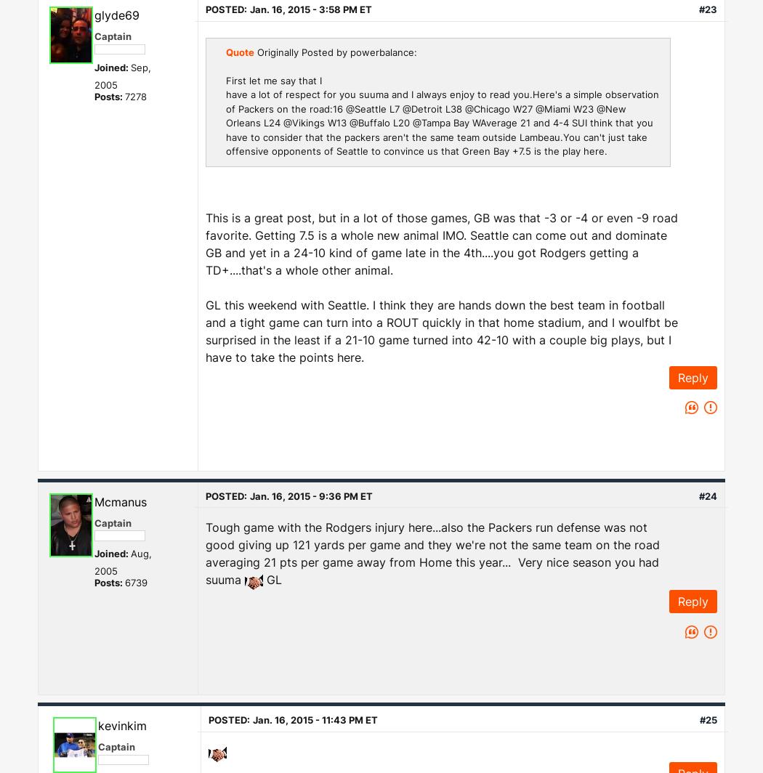  What do you see at coordinates (441, 243) in the screenshot?
I see `'This is a great post, but in a lot of those games, GB was that -3 or -4 or even -9 road favorite. Getting 7.5 is a whole new animal IMO. Seattle can come out and dominate GB and yet in a 24-10 kind of game late in the 4th....you got Rodgers getting a TD+....that's a whole other animal.'` at bounding box center [441, 243].